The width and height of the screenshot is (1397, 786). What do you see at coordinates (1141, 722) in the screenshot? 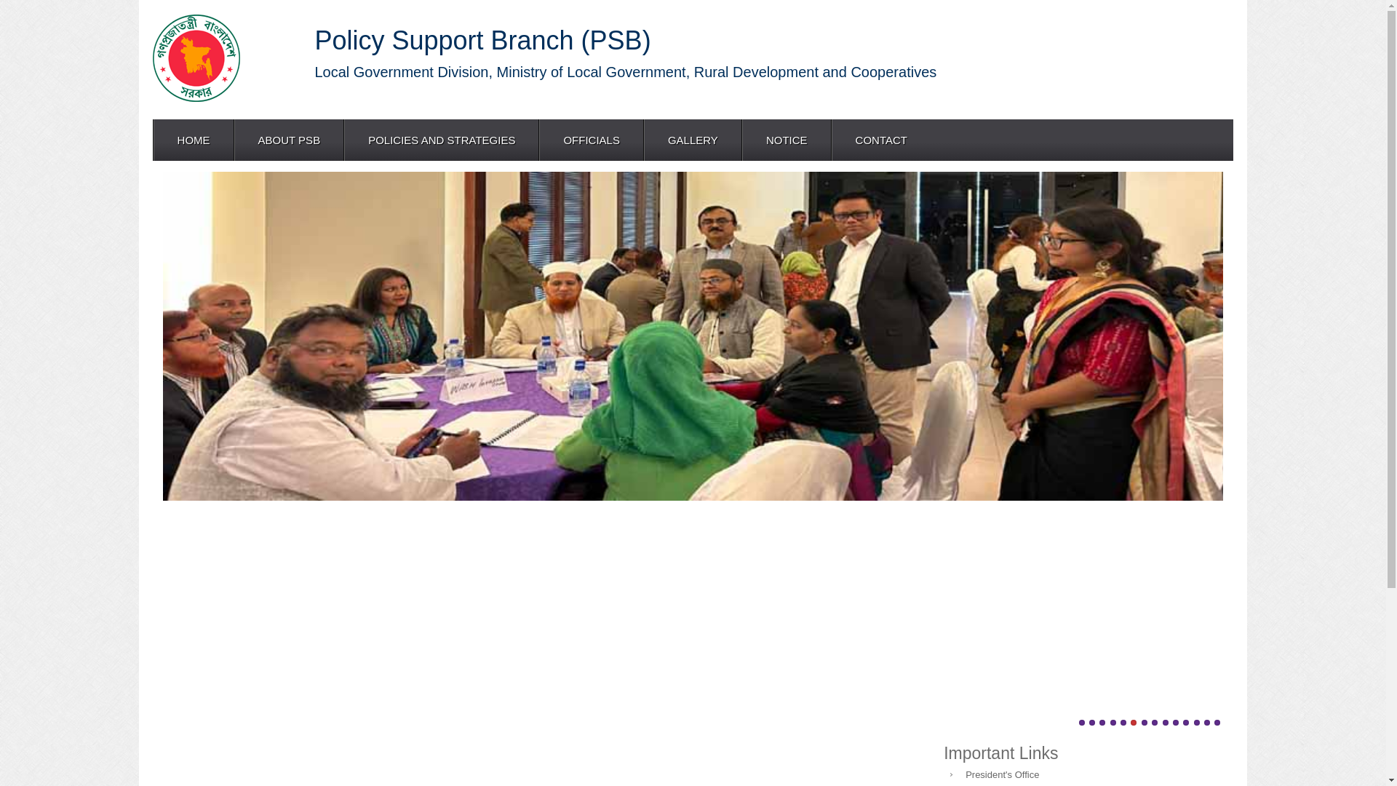
I see `'7'` at bounding box center [1141, 722].